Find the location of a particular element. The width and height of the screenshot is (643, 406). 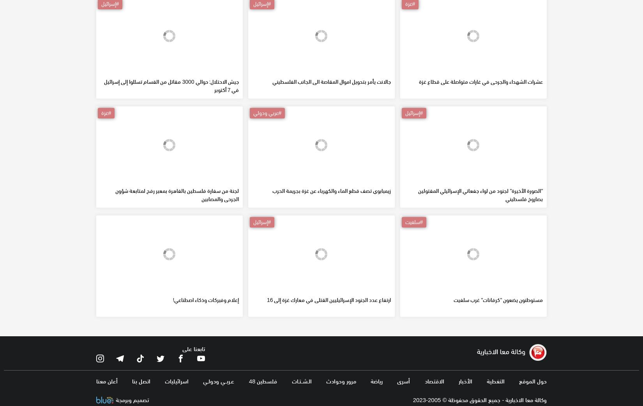

'#سلفيت' is located at coordinates (413, 277).